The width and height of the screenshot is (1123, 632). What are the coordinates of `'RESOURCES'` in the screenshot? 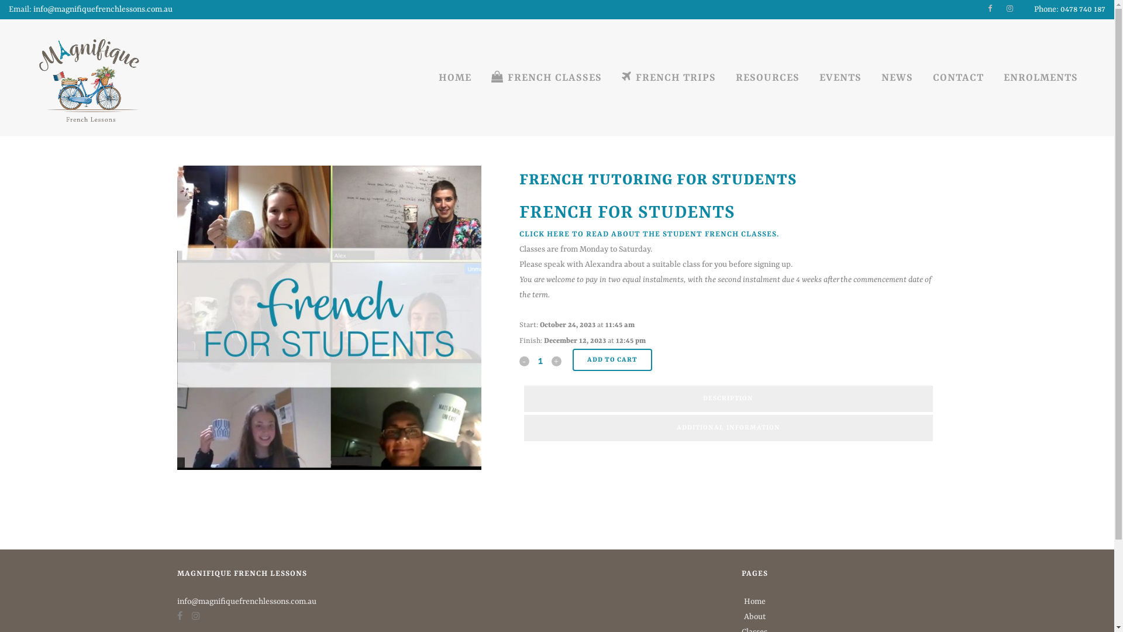 It's located at (767, 77).